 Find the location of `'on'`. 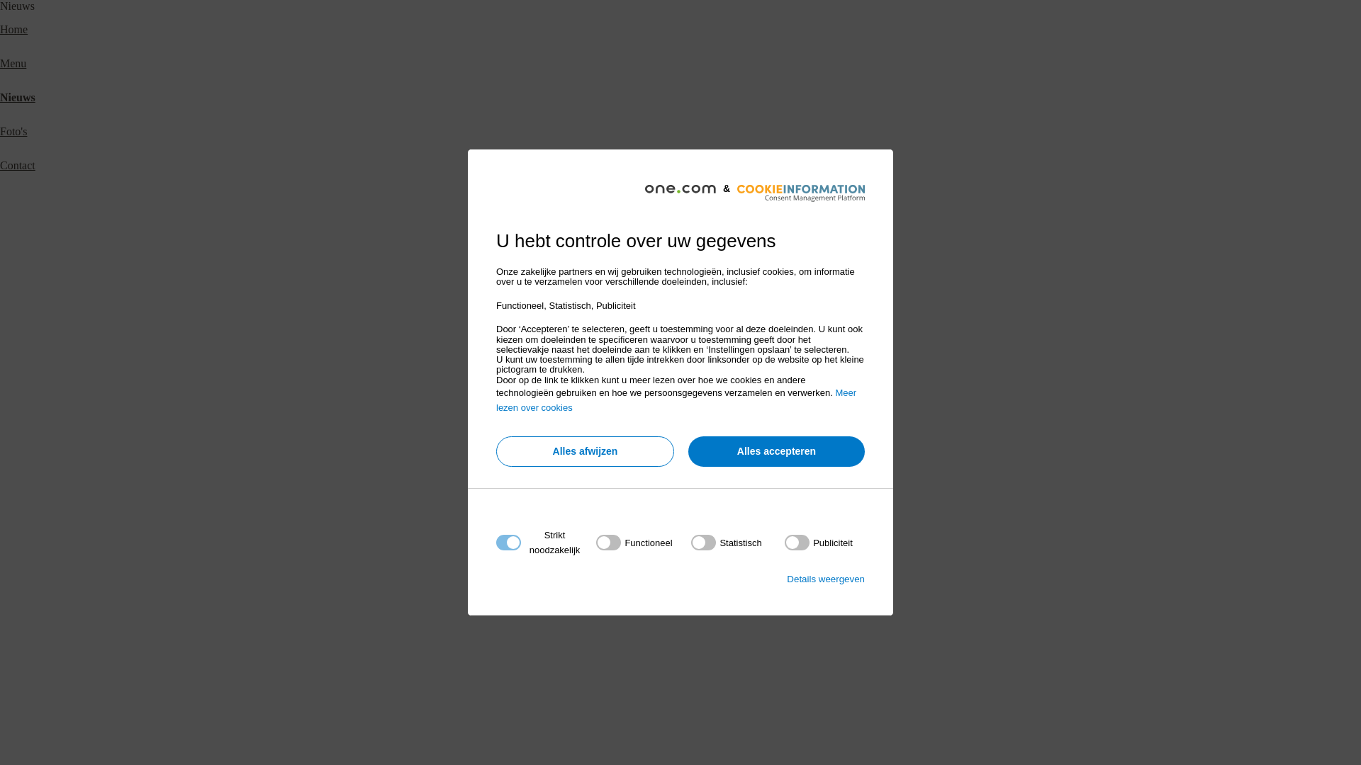

'on' is located at coordinates (784, 542).